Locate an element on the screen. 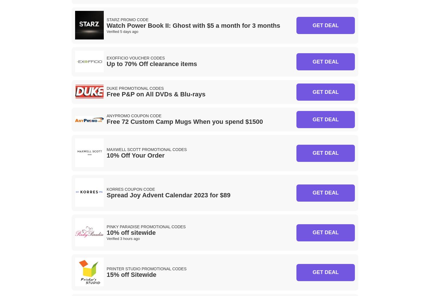 This screenshot has height=296, width=430. 'Starz Promo Code' is located at coordinates (127, 19).